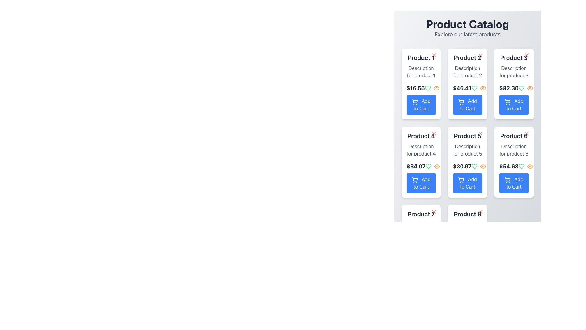  I want to click on the static text display showing the price of 'Product 6', which is located in the lower section of the product card, above the interaction icons and 'Add to Cart' button, so click(509, 166).